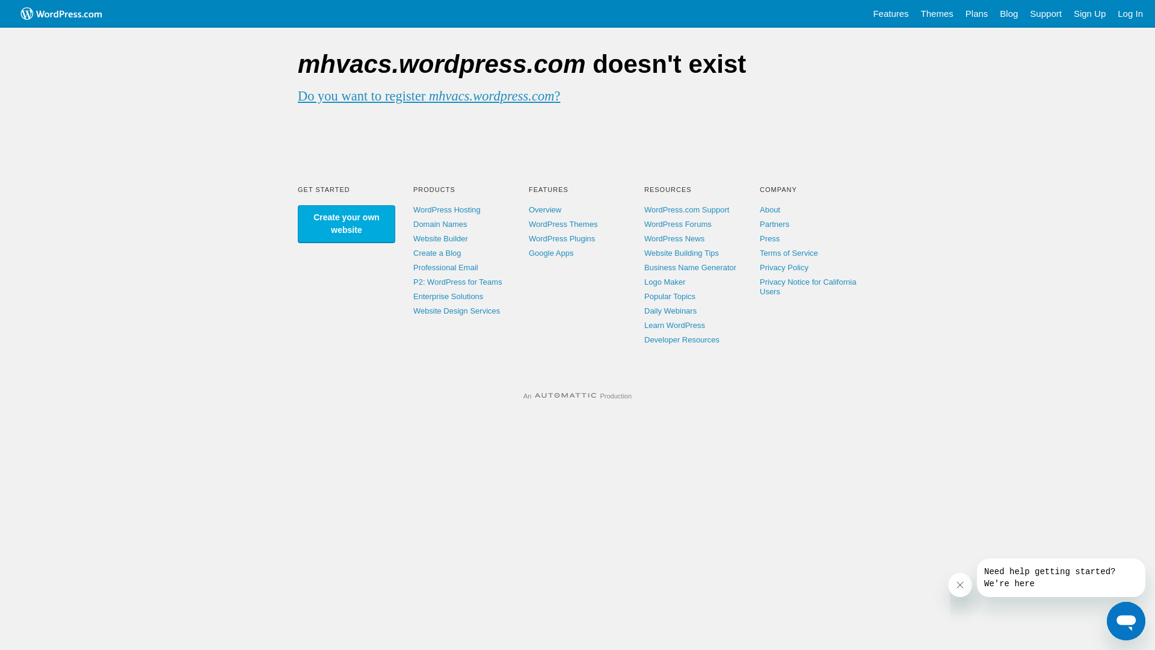 The height and width of the screenshot is (650, 1155). Describe the element at coordinates (914, 14) in the screenshot. I see `'Themes'` at that location.